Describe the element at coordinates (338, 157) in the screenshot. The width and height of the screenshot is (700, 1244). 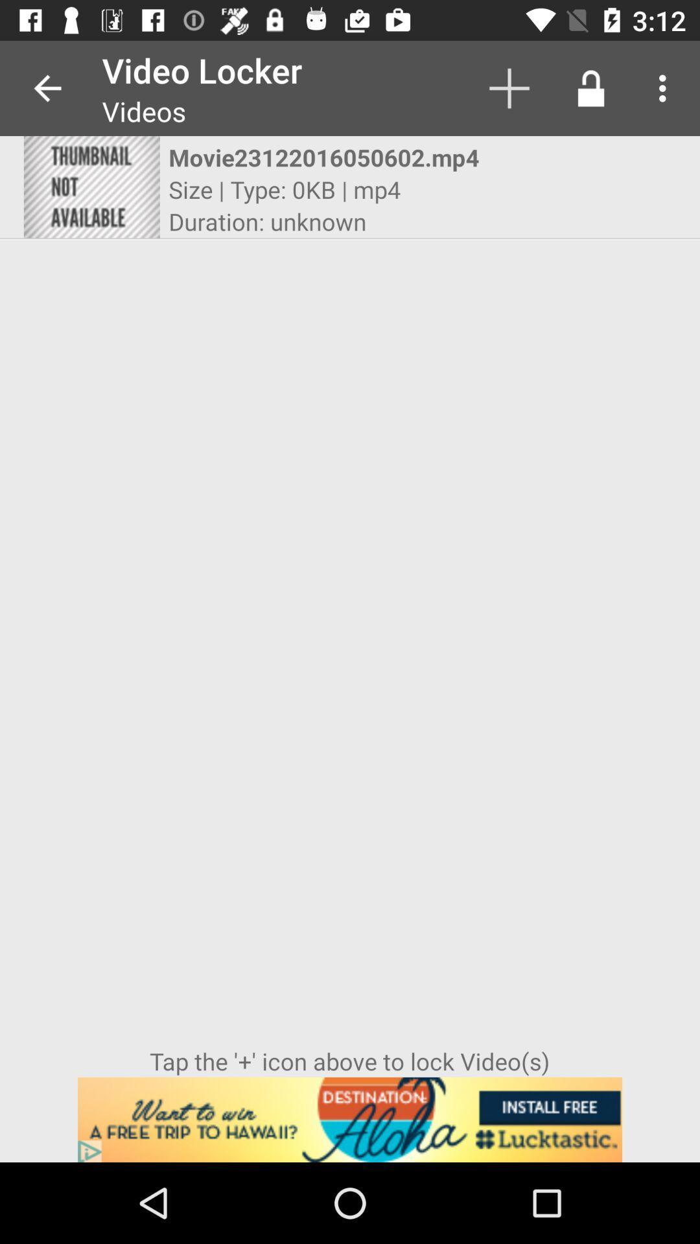
I see `movie23122016050602.mp4 icon` at that location.